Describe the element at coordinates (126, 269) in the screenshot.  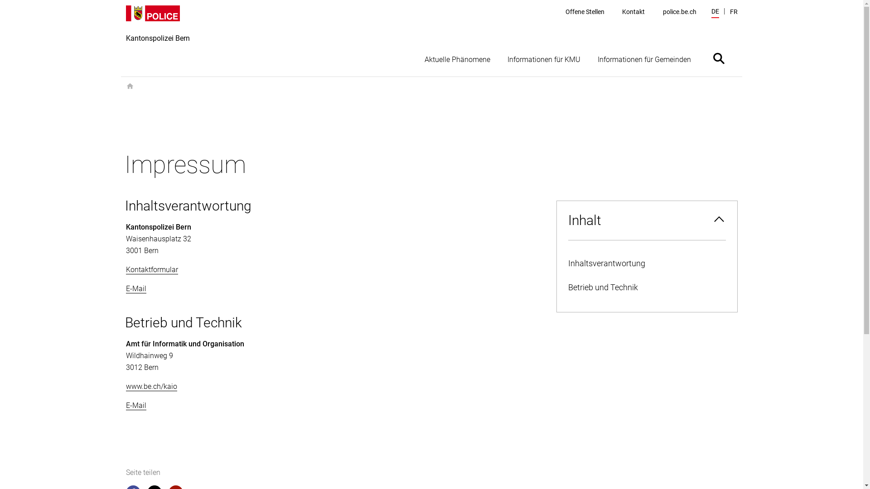
I see `'Kontaktformular'` at that location.